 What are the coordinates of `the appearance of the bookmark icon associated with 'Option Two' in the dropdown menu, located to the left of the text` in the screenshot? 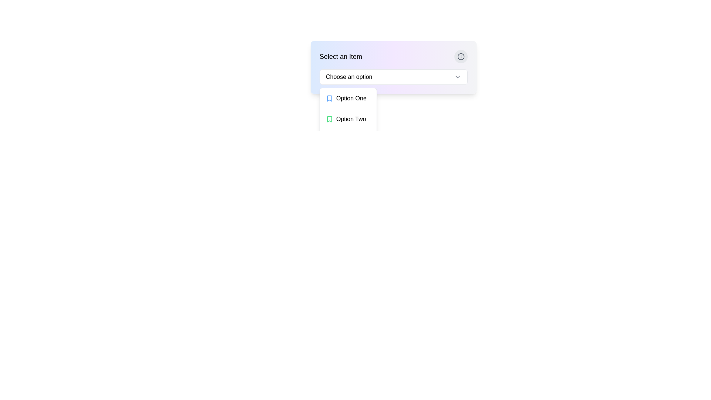 It's located at (329, 119).